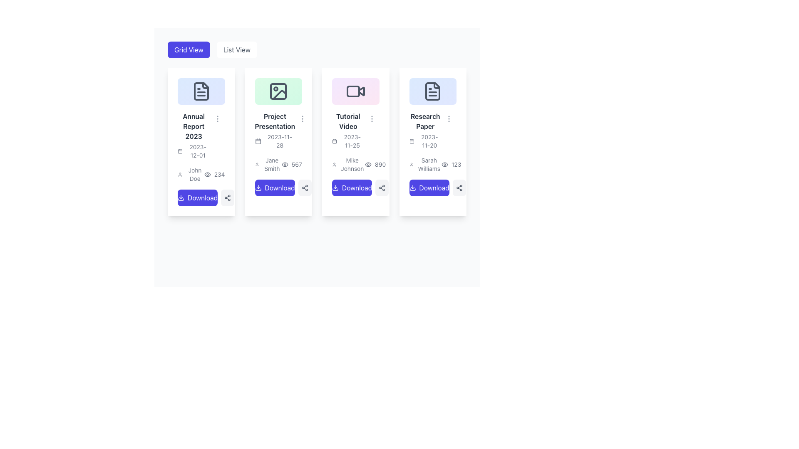 The image size is (799, 449). What do you see at coordinates (425, 164) in the screenshot?
I see `the text label displaying 'Sarah Williams' located within the 'Research Paper' card, positioned to the left of the view count '123'` at bounding box center [425, 164].